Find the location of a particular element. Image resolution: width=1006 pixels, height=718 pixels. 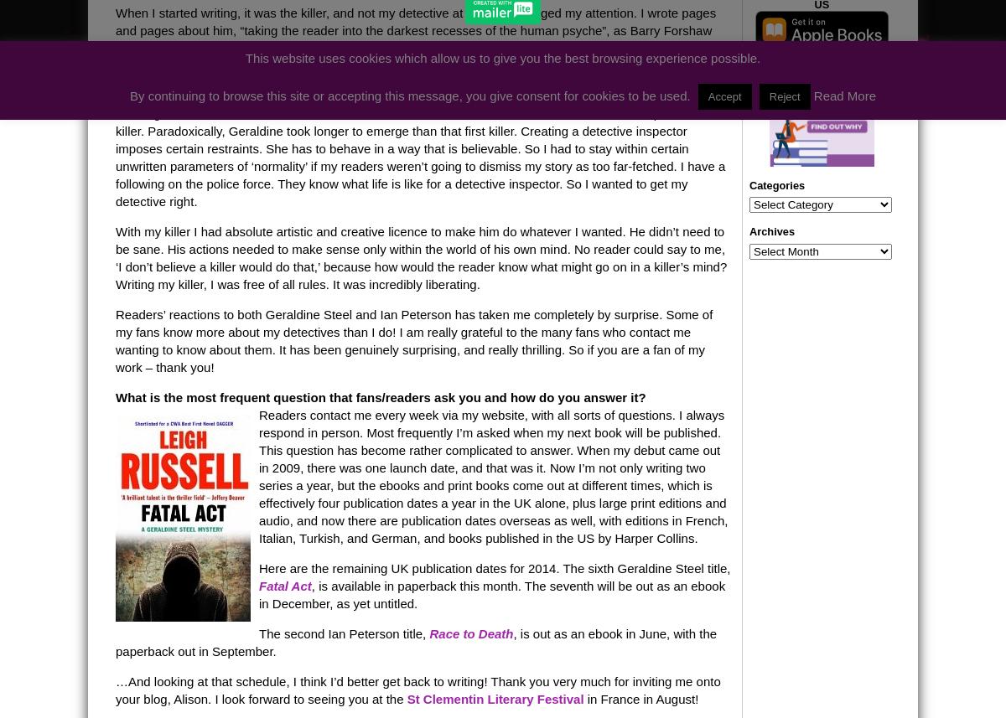

'With my killer I had absolute artistic and creative licence to make him do whatever I wanted. He didn’t need to be sane. His actions needed to make sense only within the world of his own mind. No reader could say to me, ‘I don’t believe a killer would do that,’ because how would the reader know what might go on in a killer’s mind? Writing my killer, I was free of all rules. It was incredibly liberating.' is located at coordinates (420, 256).